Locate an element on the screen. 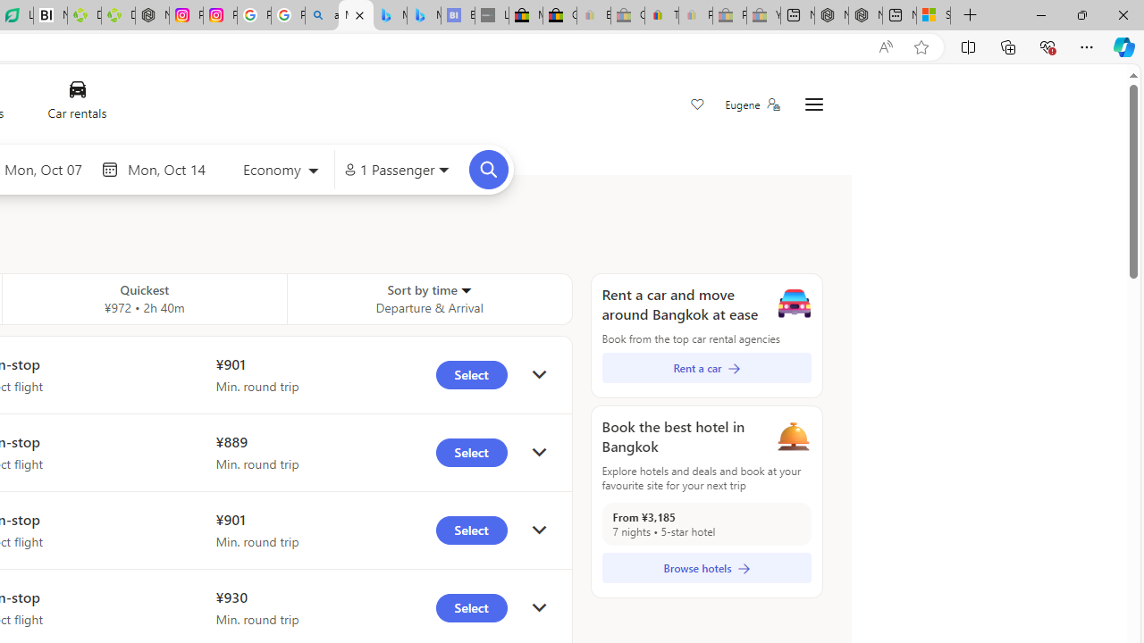 This screenshot has height=643, width=1144. 'End date' is located at coordinates (171, 169).